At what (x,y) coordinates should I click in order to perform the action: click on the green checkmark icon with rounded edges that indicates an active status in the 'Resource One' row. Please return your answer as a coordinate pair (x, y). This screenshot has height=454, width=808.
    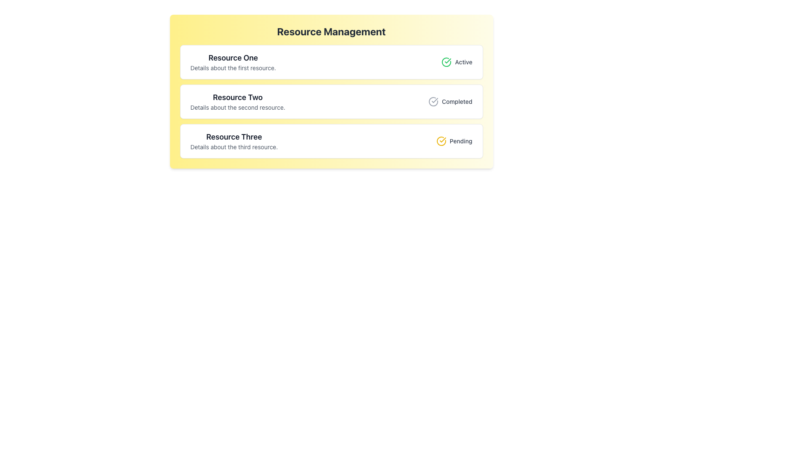
    Looking at the image, I should click on (447, 61).